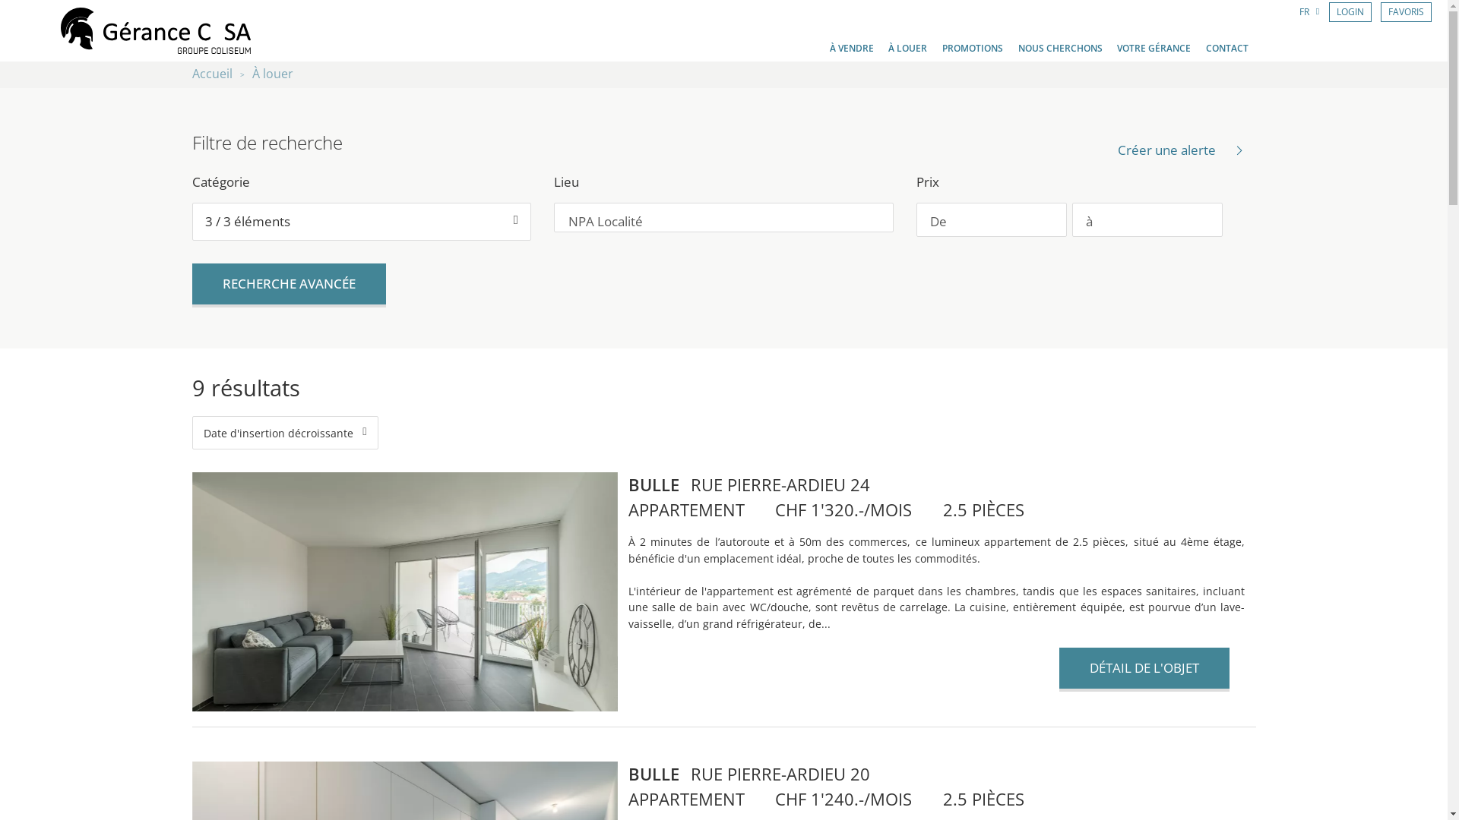 This screenshot has height=820, width=1459. I want to click on 'Accueil', so click(210, 74).